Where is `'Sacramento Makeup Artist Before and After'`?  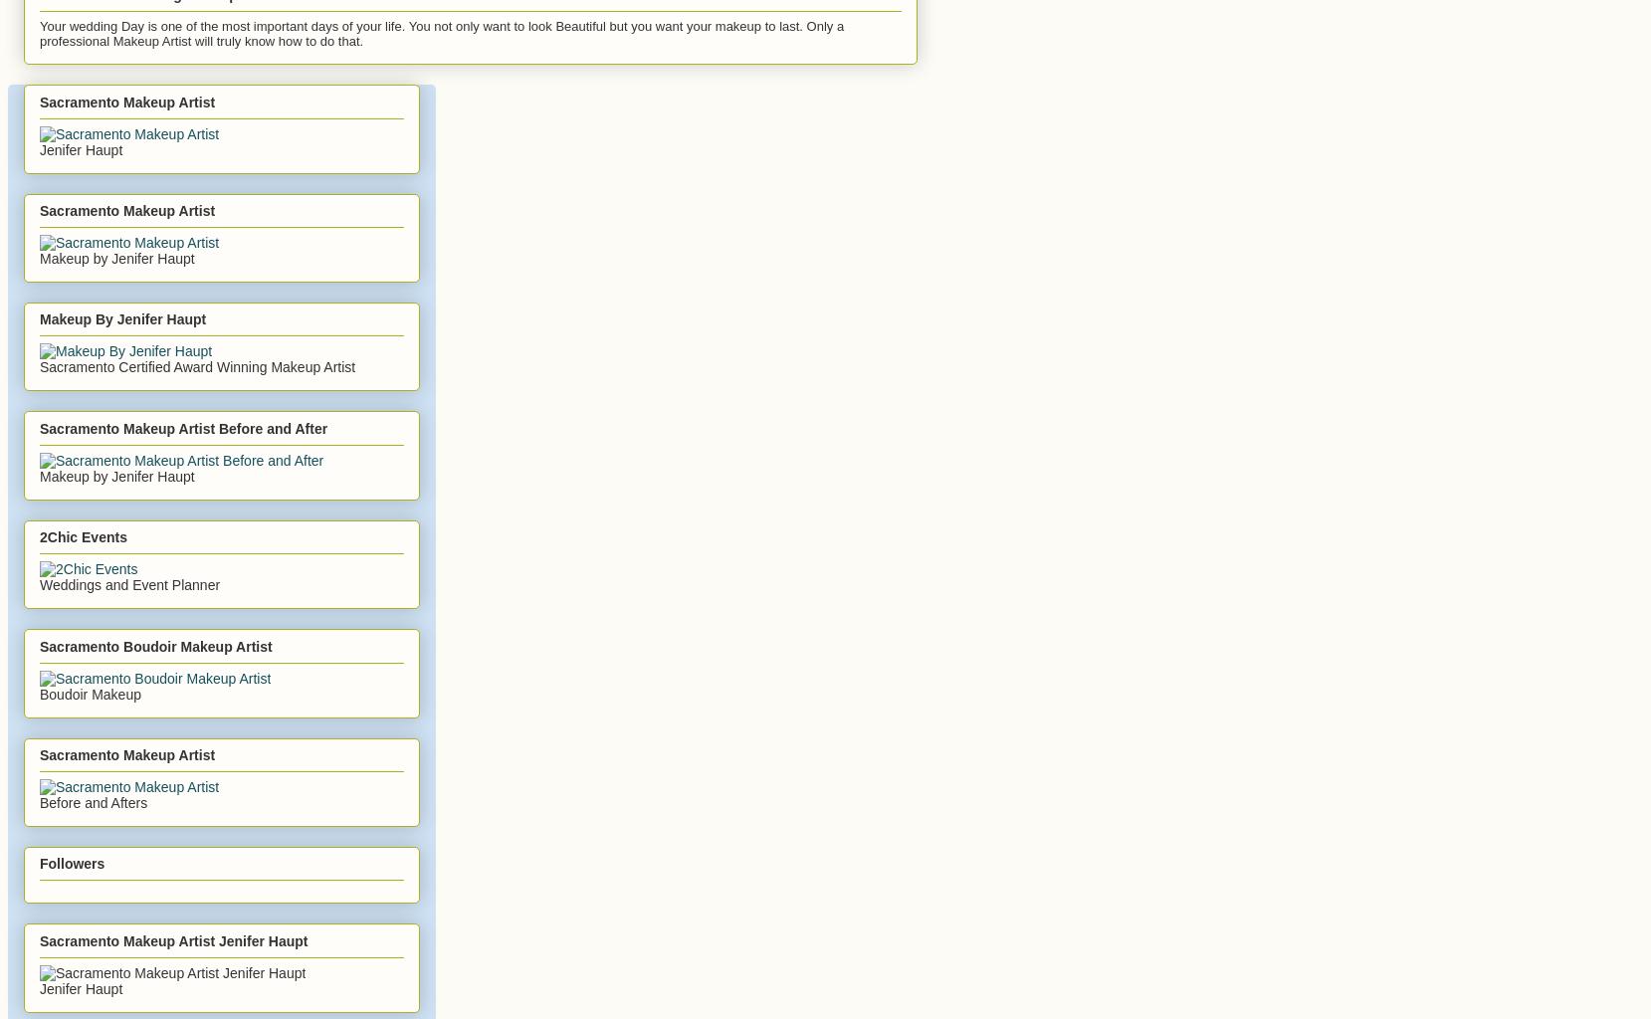 'Sacramento Makeup Artist Before and After' is located at coordinates (38, 427).